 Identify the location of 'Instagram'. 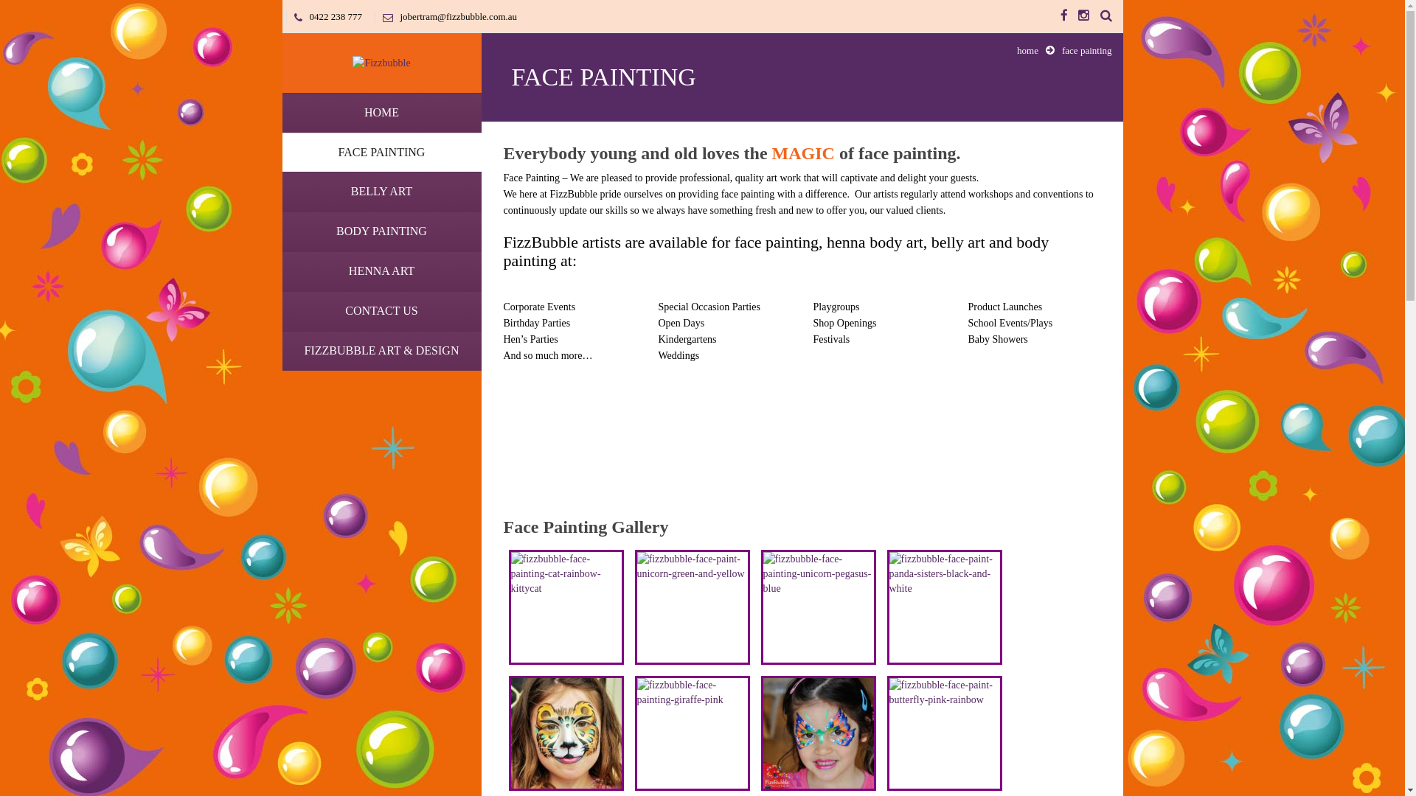
(1078, 16).